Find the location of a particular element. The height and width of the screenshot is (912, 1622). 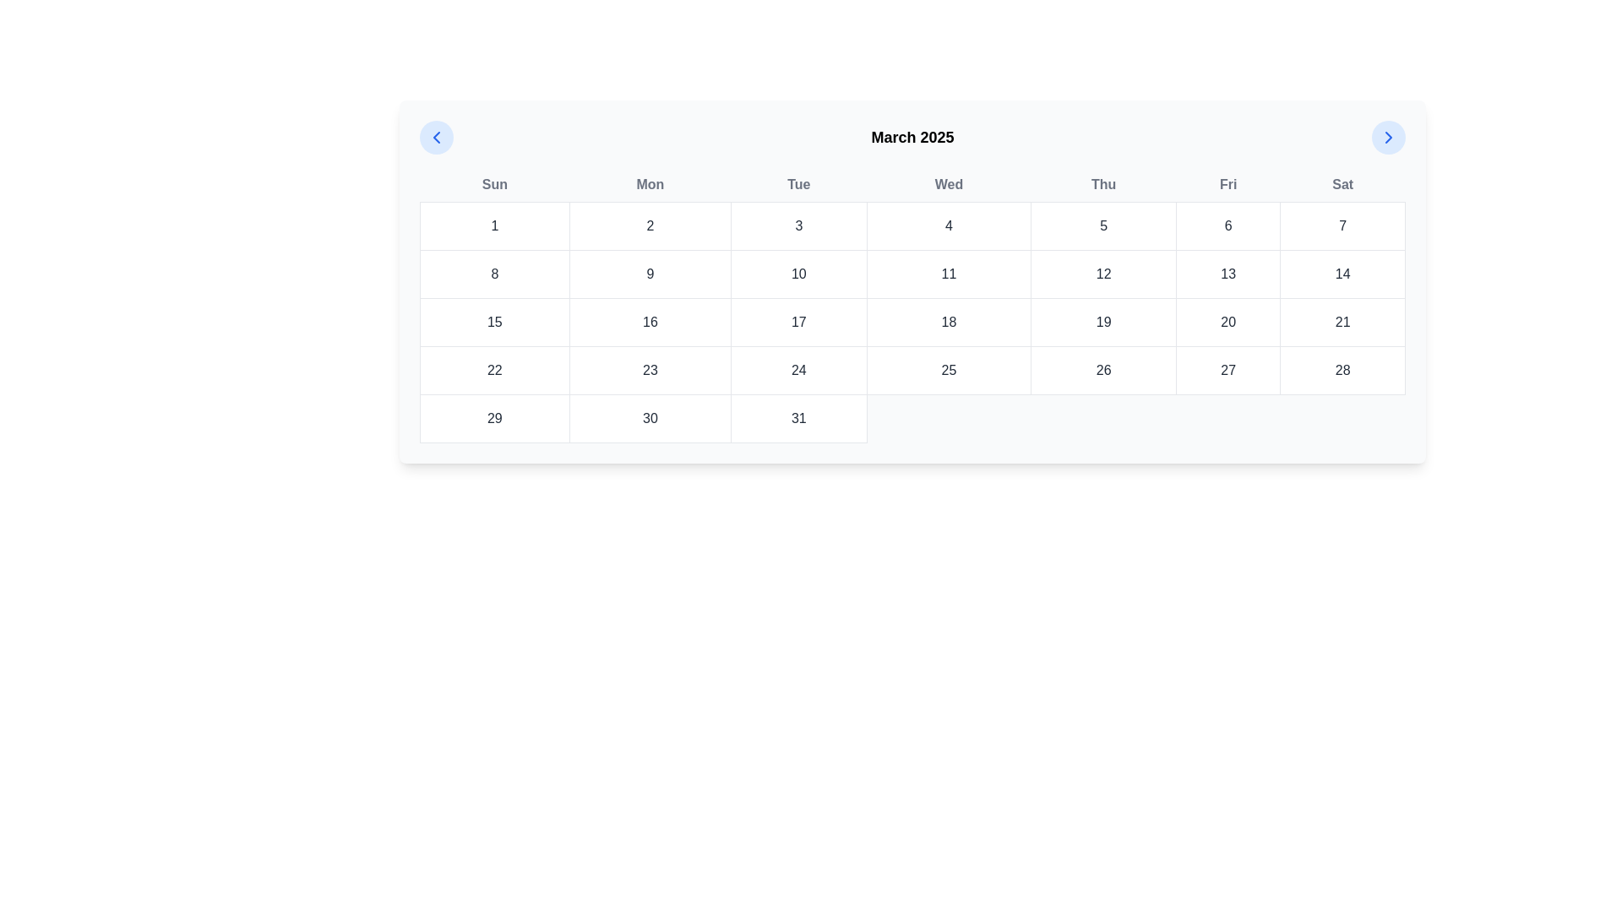

the calendar cell representing March 24, 2025, to change its background color is located at coordinates (797, 370).